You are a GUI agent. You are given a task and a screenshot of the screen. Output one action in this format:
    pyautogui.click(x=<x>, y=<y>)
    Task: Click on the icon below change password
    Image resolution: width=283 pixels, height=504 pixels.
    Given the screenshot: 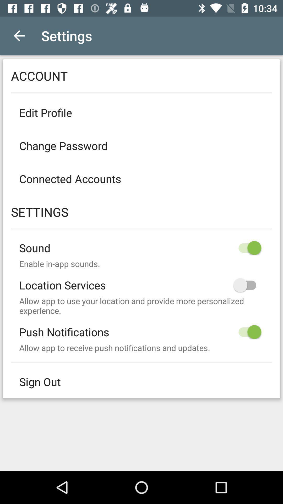 What is the action you would take?
    pyautogui.click(x=141, y=179)
    